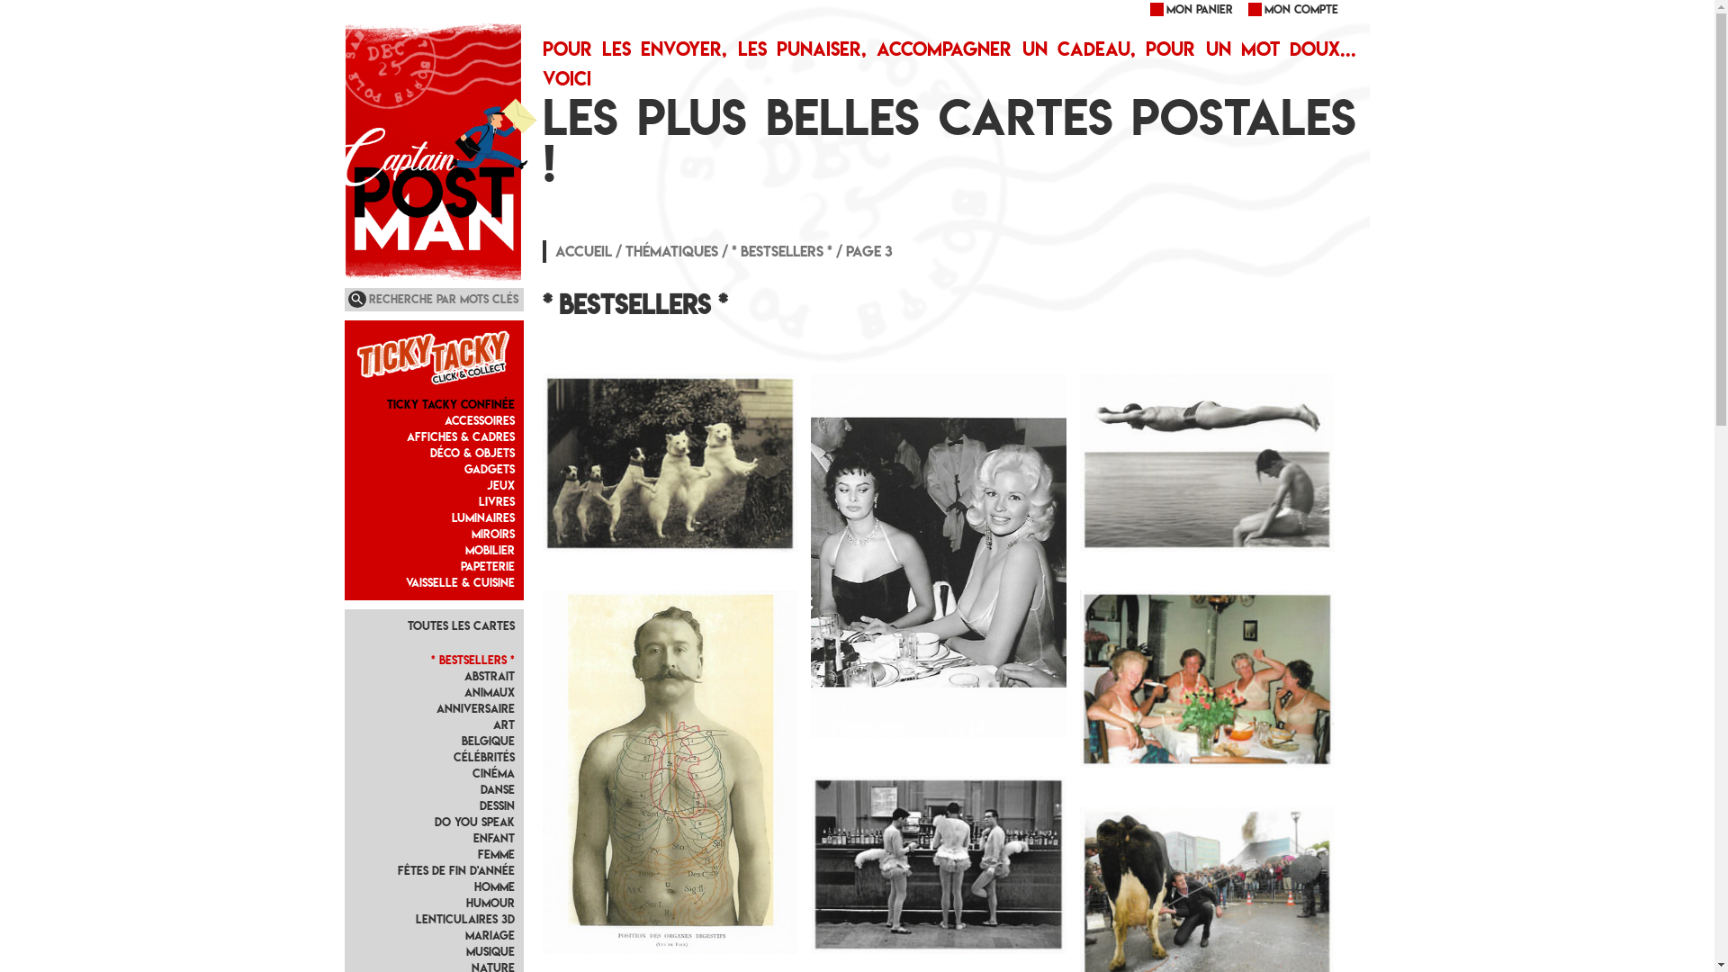 The height and width of the screenshot is (972, 1728). Describe the element at coordinates (583, 250) in the screenshot. I see `'Accueil'` at that location.